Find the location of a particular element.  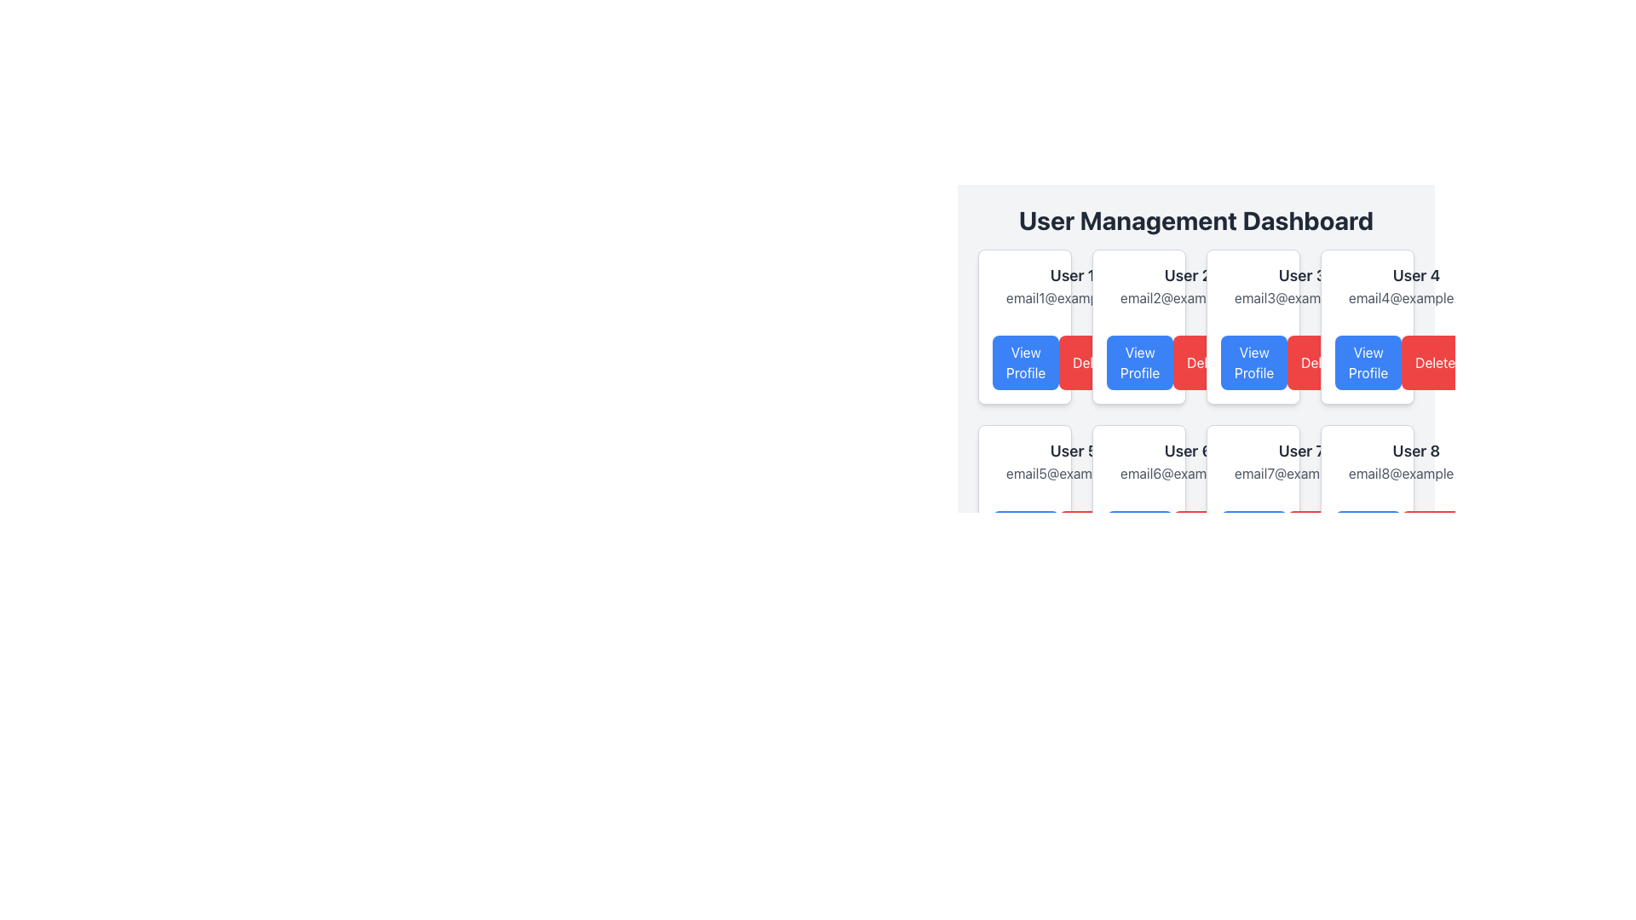

the 'Delete' button, which is a rectangular button with rounded edges and a bright red background is located at coordinates (1206, 361).